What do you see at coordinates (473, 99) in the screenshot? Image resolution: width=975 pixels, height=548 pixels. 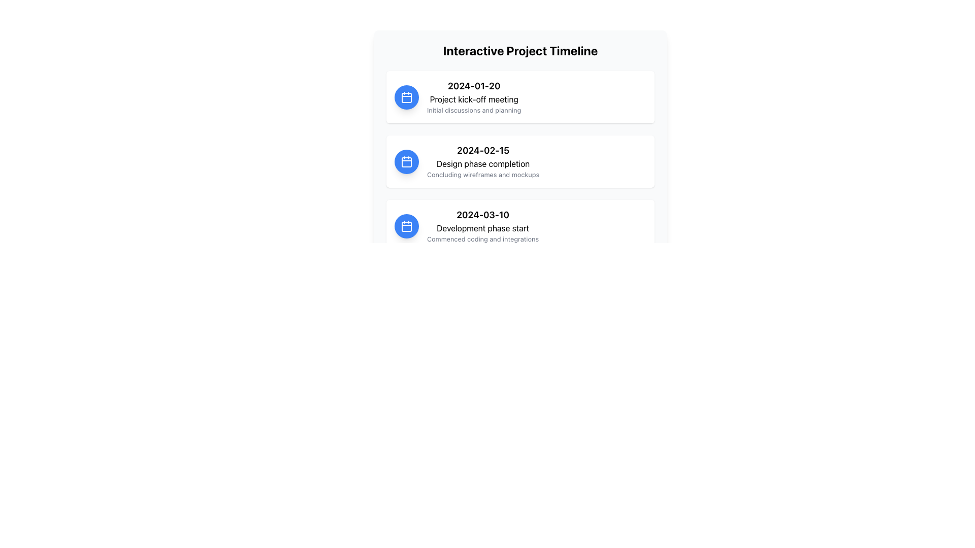 I see `the text label that signifies the title of the timeline event` at bounding box center [473, 99].